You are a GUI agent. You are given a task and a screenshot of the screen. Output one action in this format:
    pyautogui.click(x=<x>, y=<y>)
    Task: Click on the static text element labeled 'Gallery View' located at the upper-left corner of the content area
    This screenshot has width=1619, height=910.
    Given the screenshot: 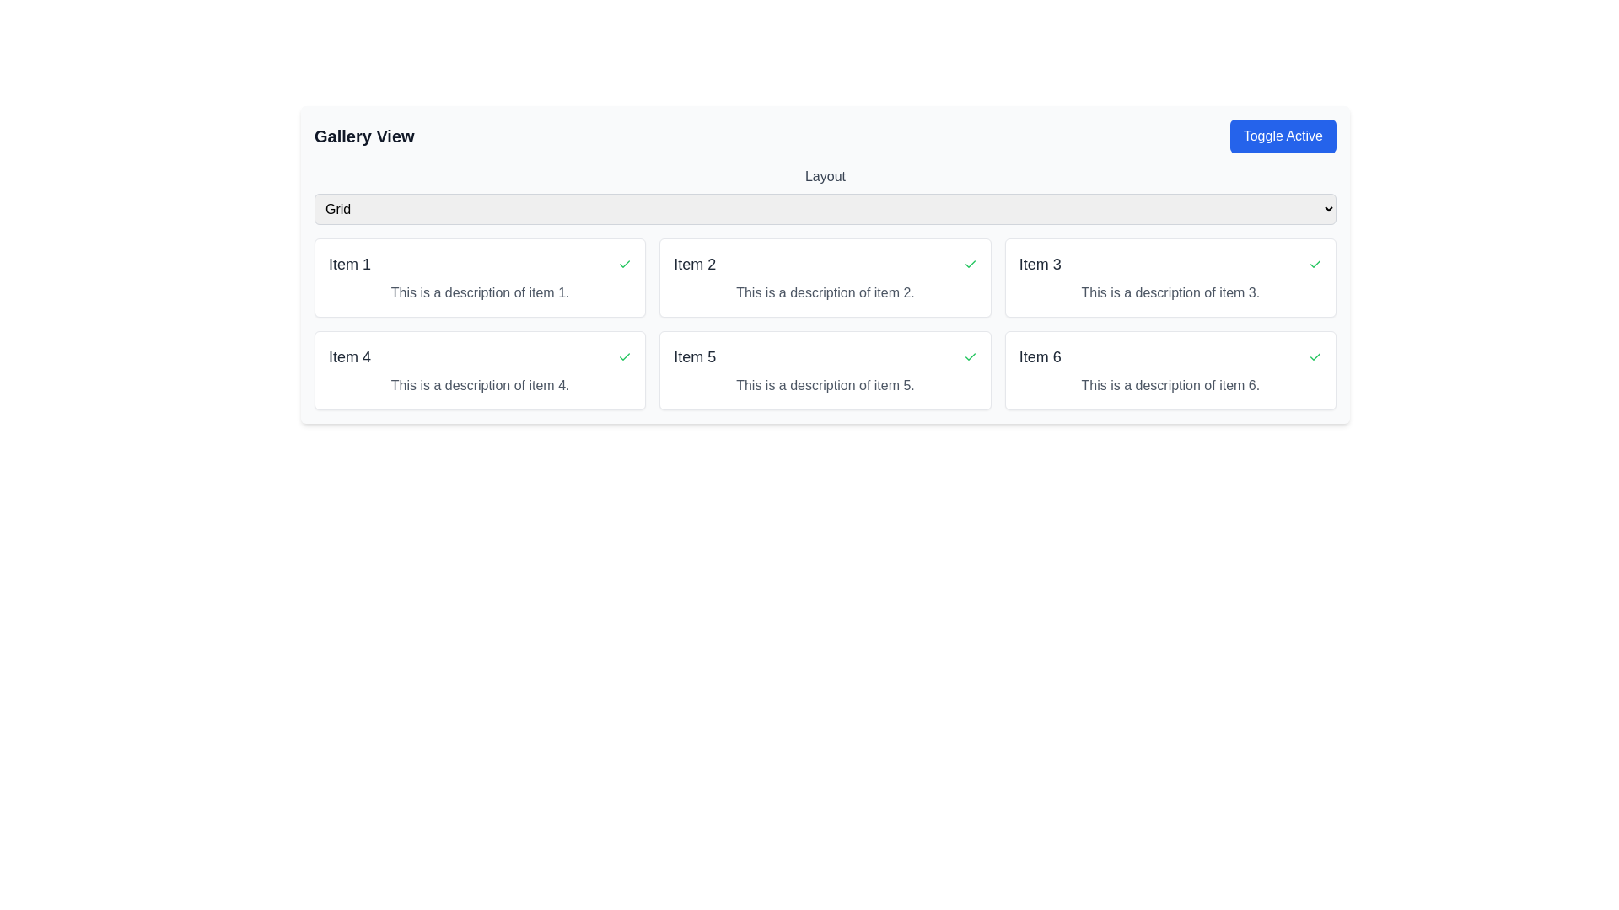 What is the action you would take?
    pyautogui.click(x=363, y=136)
    